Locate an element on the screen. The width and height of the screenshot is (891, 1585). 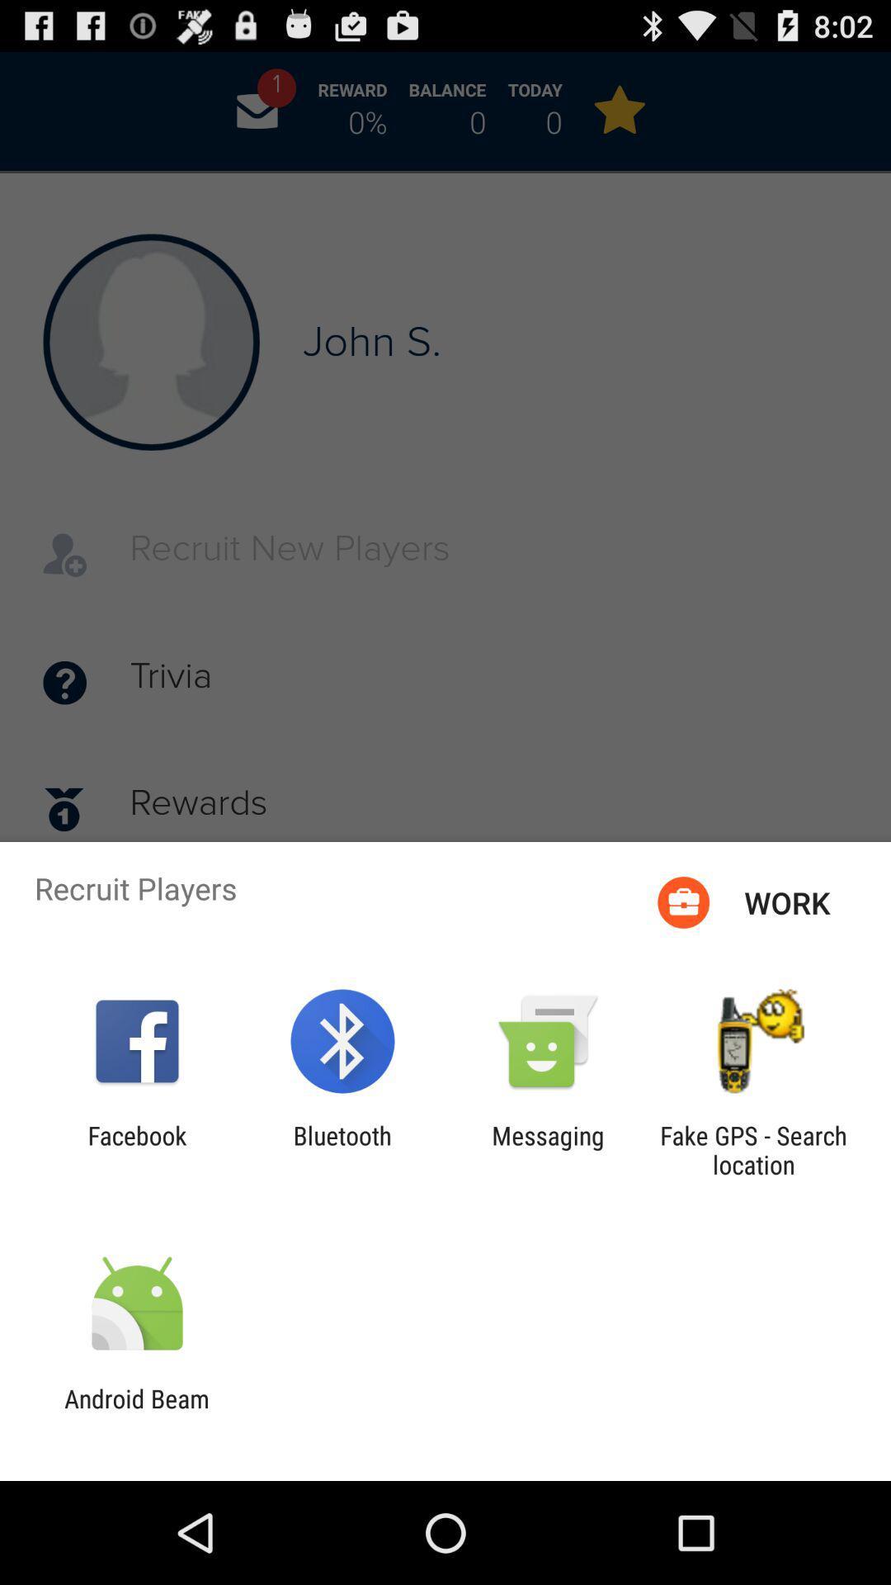
item next to bluetooth icon is located at coordinates (548, 1149).